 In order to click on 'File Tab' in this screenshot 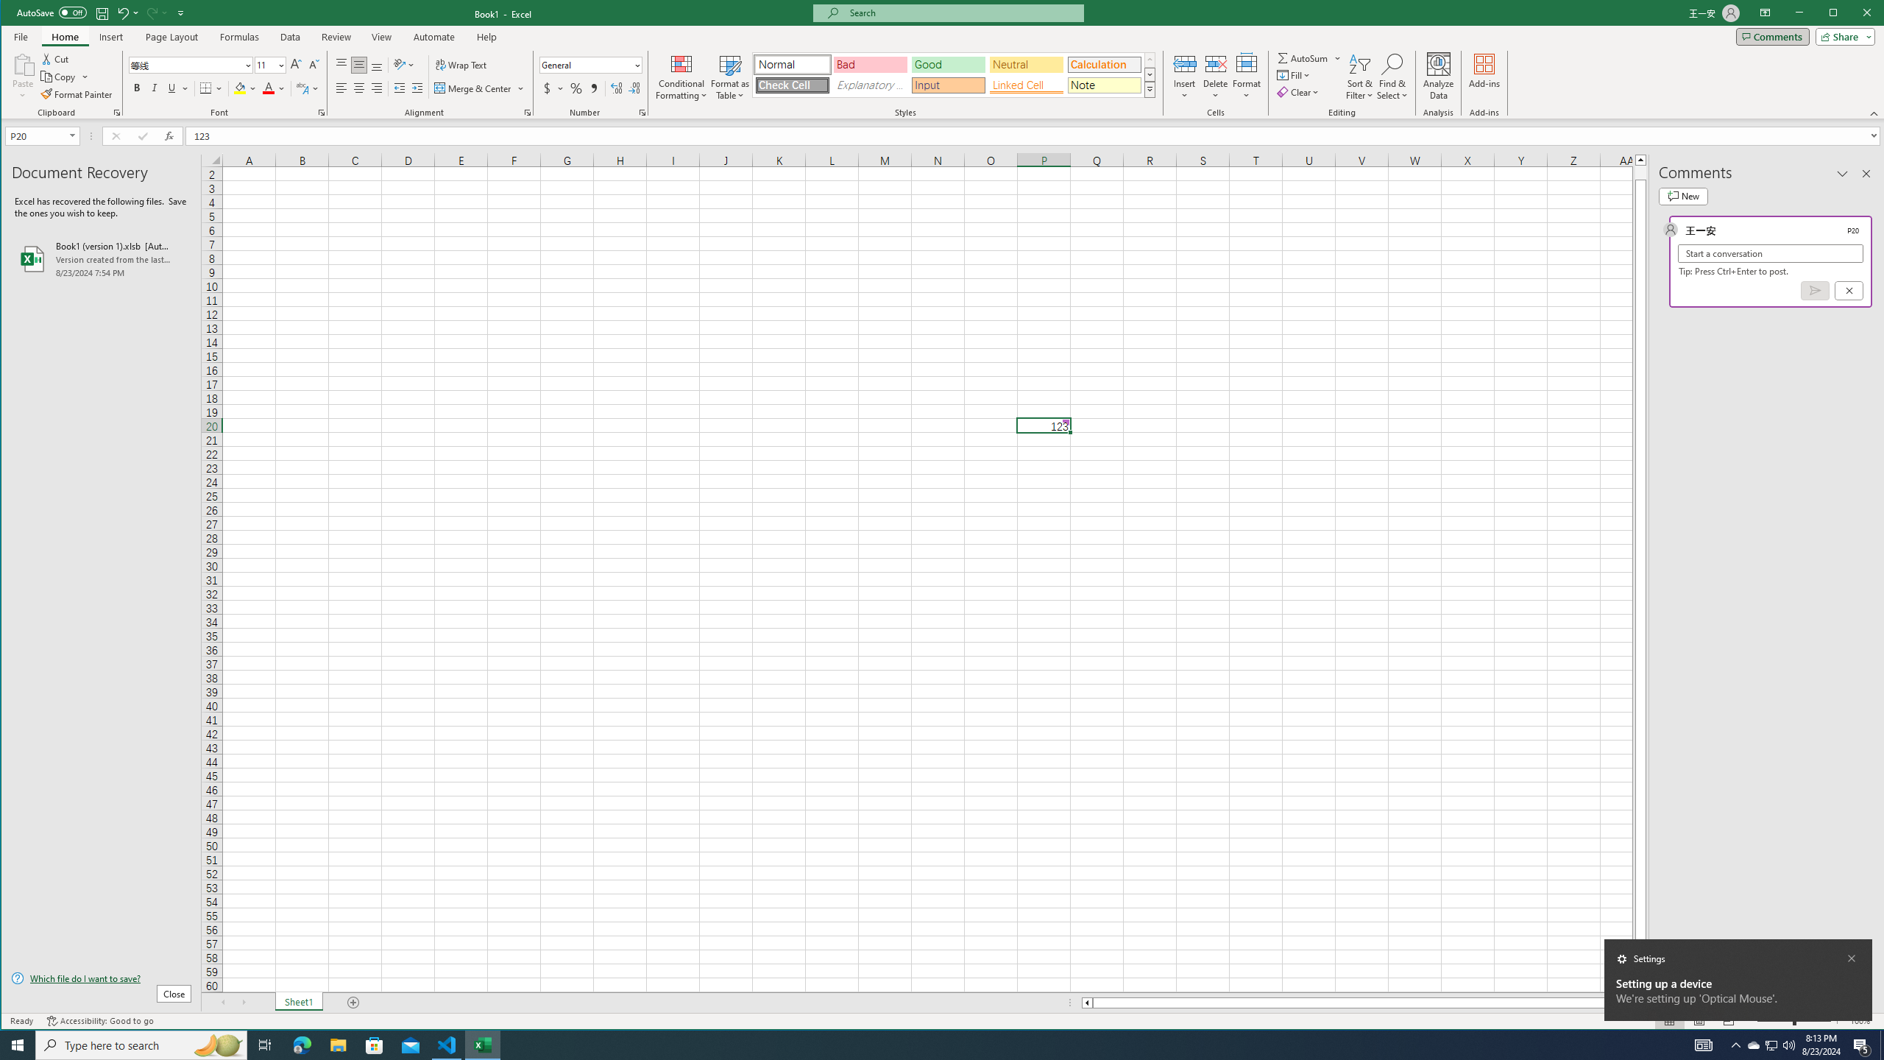, I will do `click(21, 36)`.